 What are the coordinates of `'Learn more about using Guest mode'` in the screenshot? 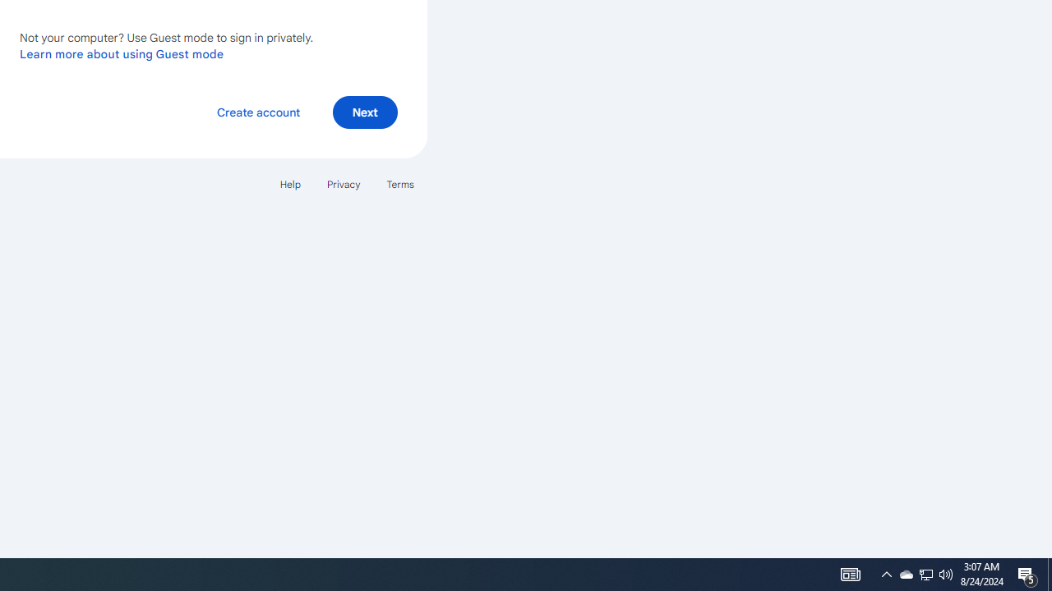 It's located at (121, 53).